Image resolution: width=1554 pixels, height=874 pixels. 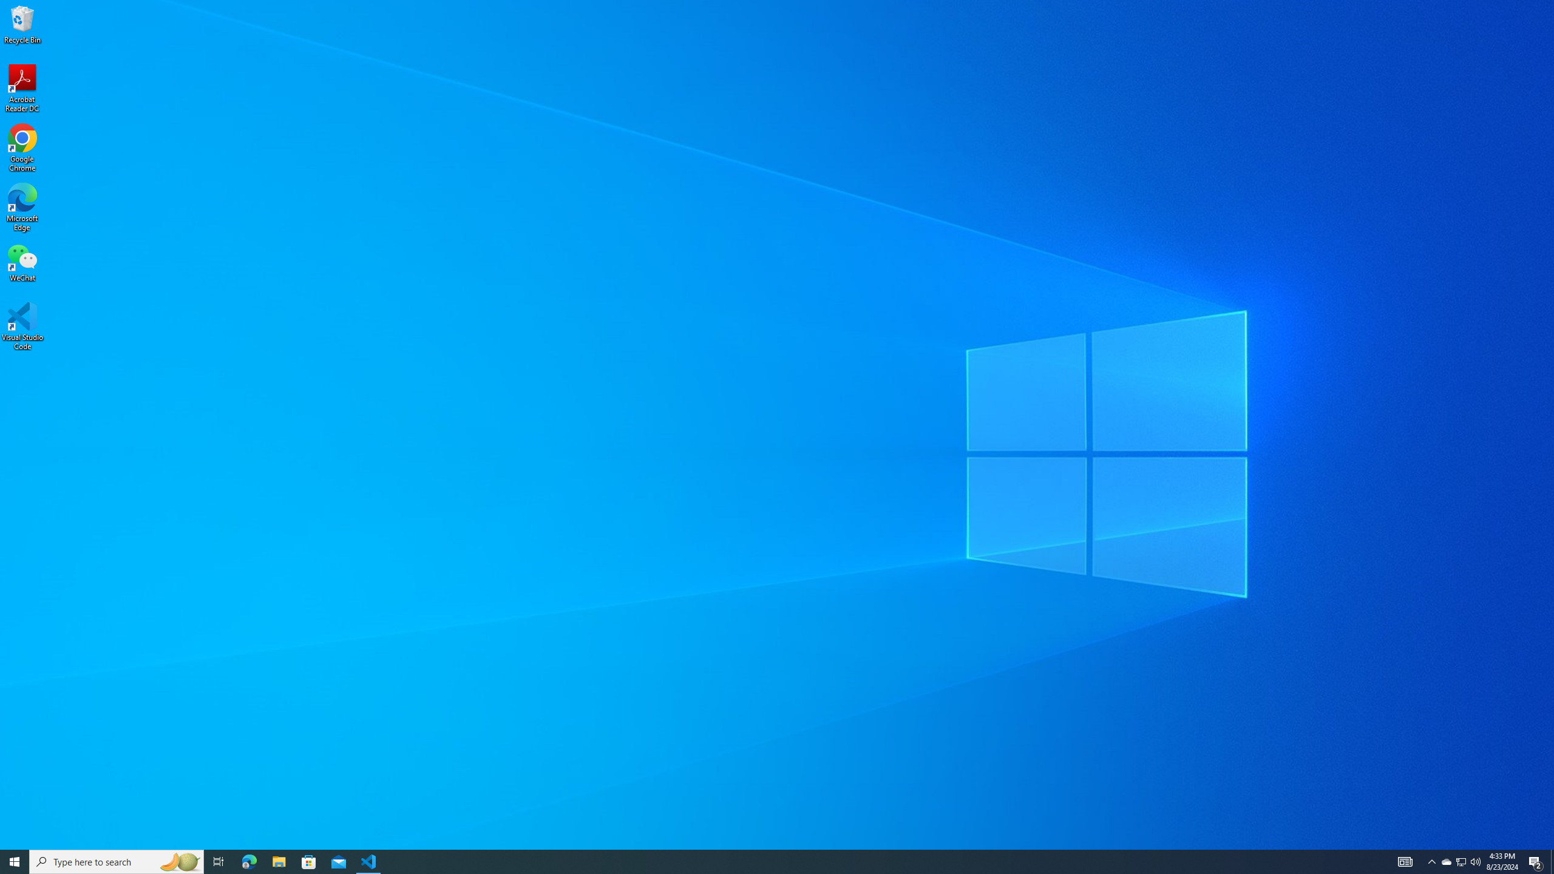 I want to click on 'Google Chrome', so click(x=22, y=148).